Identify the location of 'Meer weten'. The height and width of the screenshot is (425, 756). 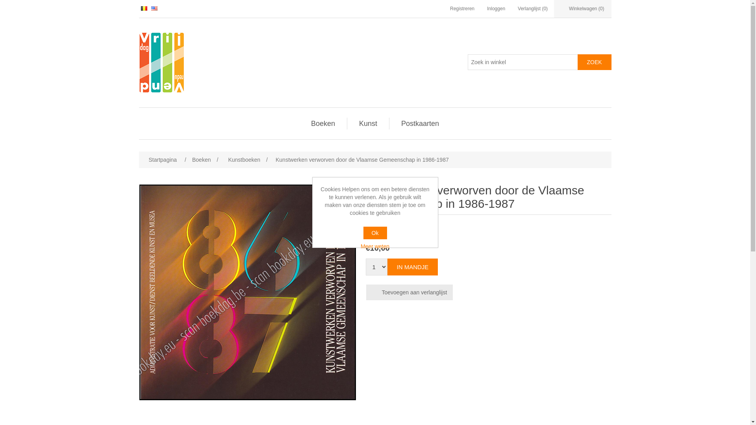
(375, 246).